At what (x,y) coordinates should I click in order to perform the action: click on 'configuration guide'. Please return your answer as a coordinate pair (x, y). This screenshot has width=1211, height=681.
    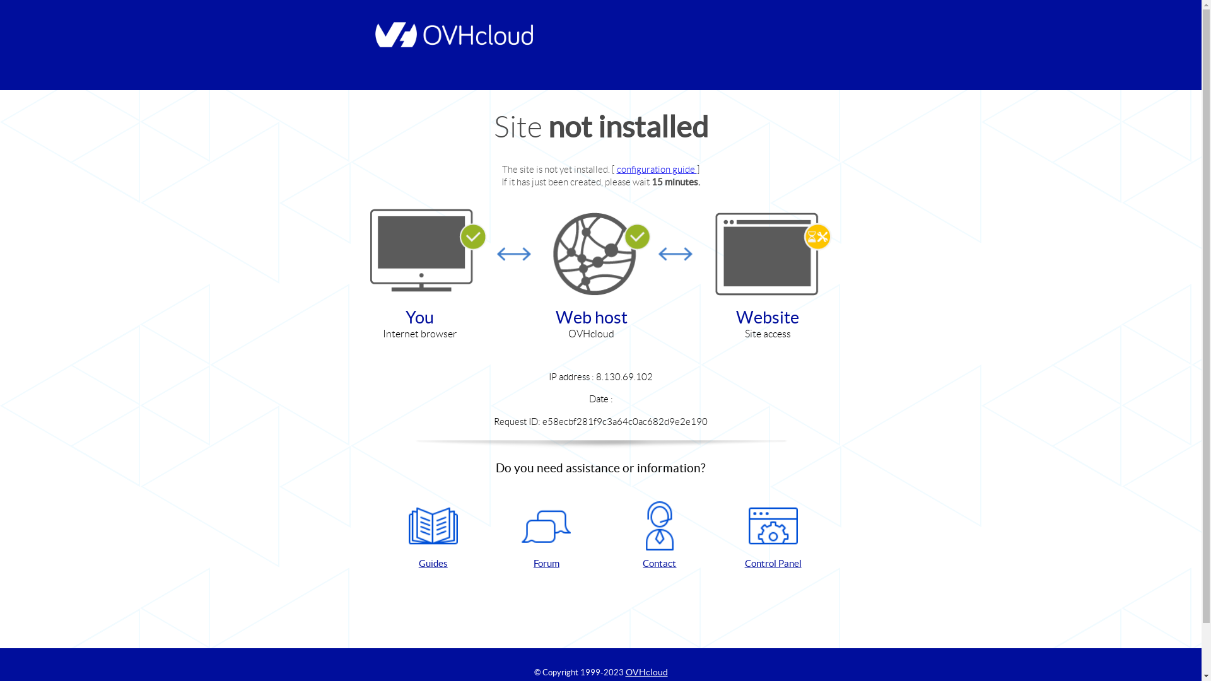
    Looking at the image, I should click on (656, 168).